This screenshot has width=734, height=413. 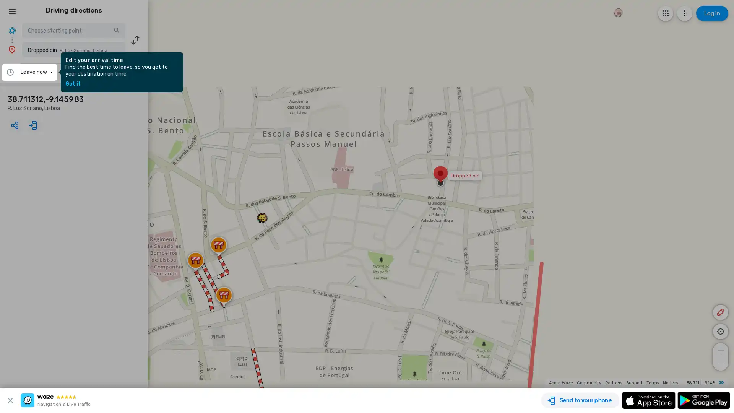 I want to click on Zoom in, so click(x=720, y=350).